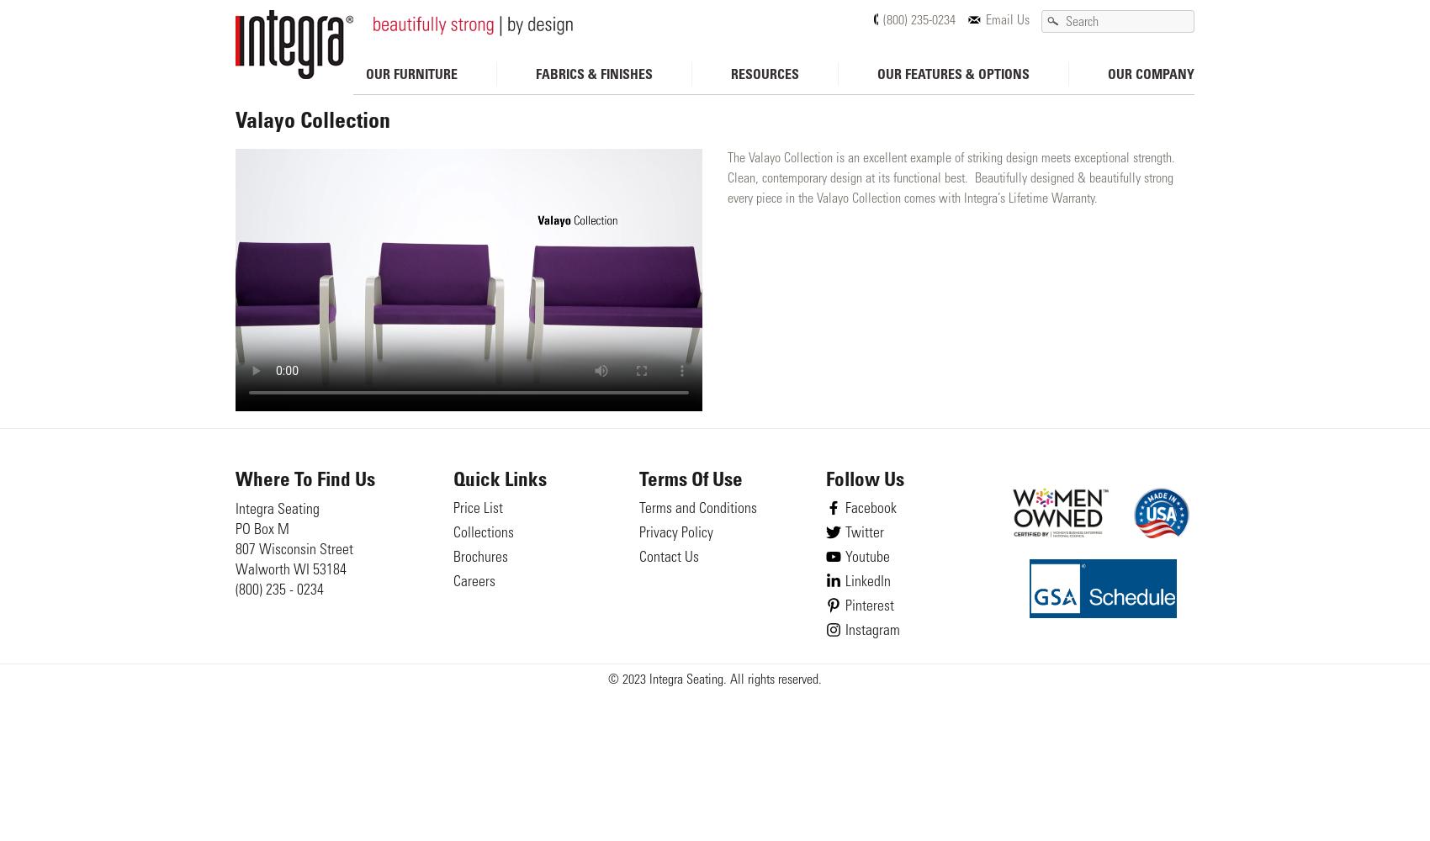 Image resolution: width=1430 pixels, height=841 pixels. Describe the element at coordinates (727, 177) in the screenshot. I see `'The Valayo Collection is an excellent example of striking design meets exceptional strength.  Clean, contemporary design at its functional best.  Beautifully designed & beautifully strong every piece in the Valayo Collection comes with Integra’s Lifetime Warranty.'` at that location.